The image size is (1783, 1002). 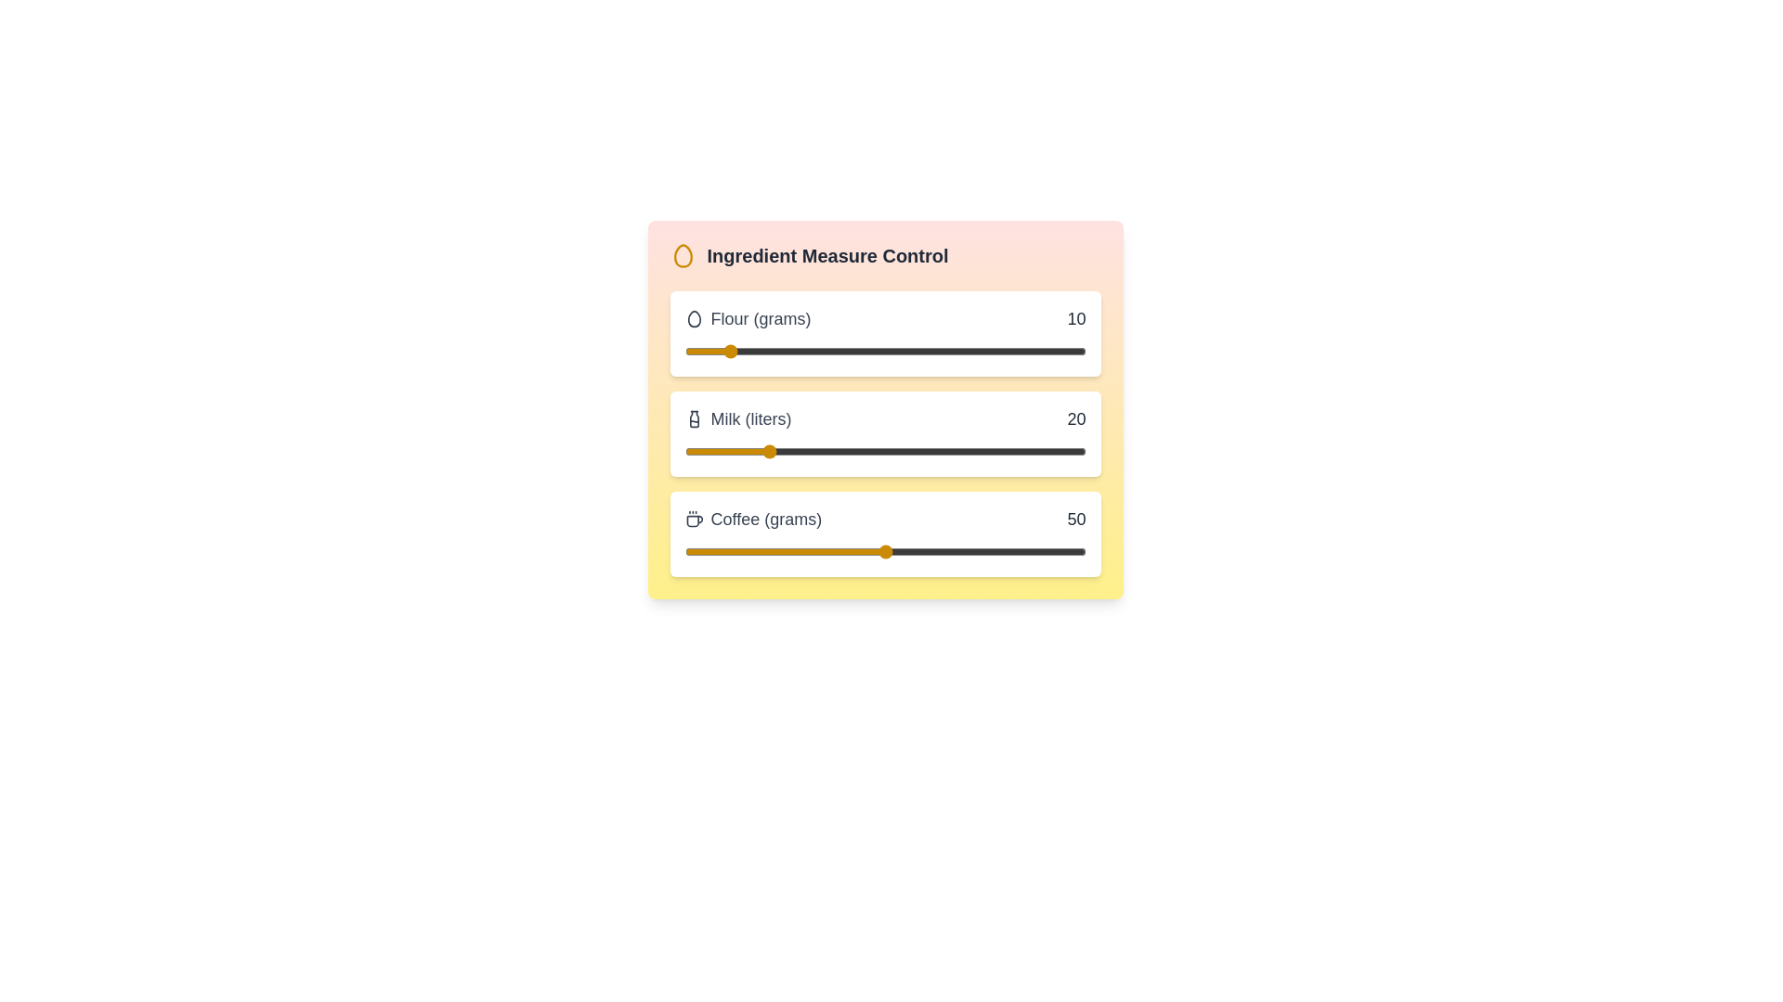 What do you see at coordinates (1049, 351) in the screenshot?
I see `flour amount` at bounding box center [1049, 351].